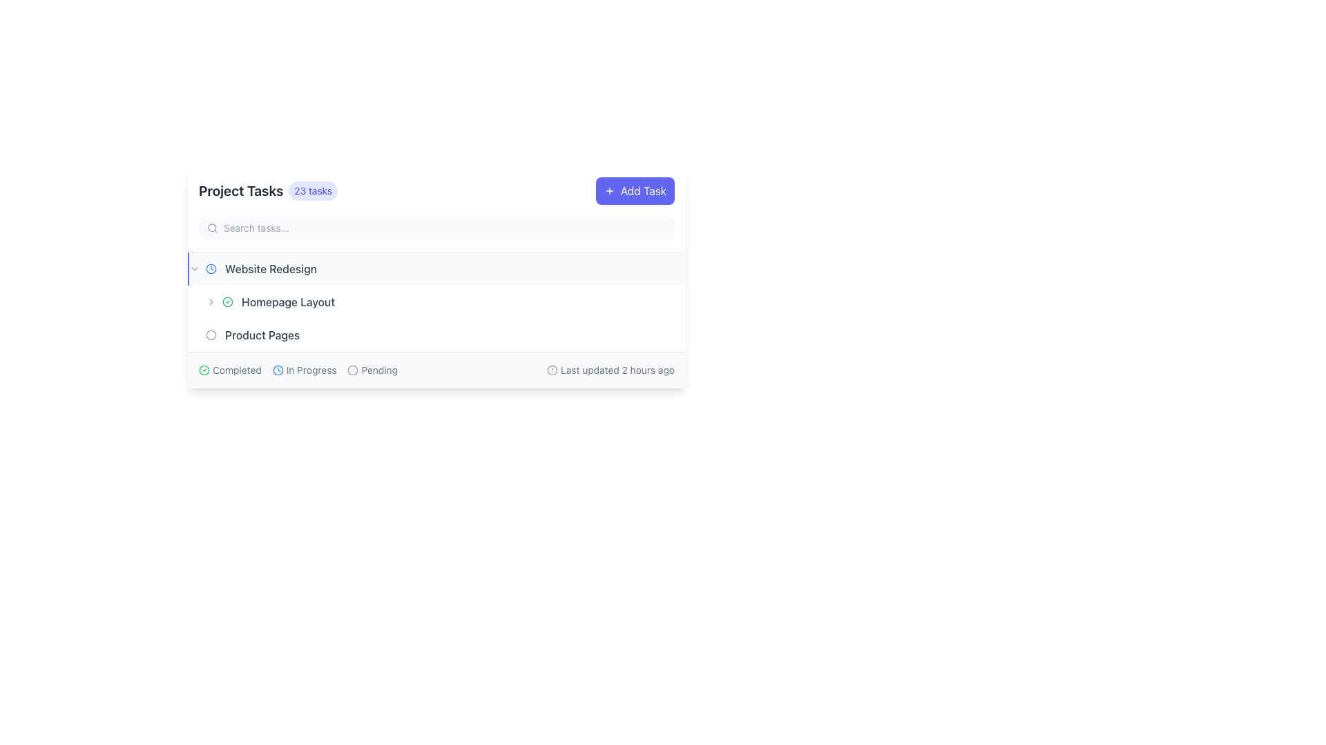  Describe the element at coordinates (268, 191) in the screenshot. I see `text label 'Project Tasks' with the accompanying badge displaying '23 tasks', located in the top-left section of the interface within the header-like bar` at that location.